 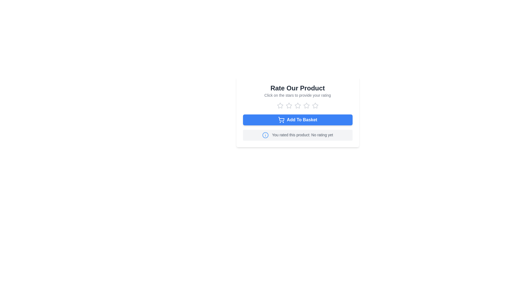 I want to click on the second star icon in the rating section, so click(x=288, y=105).